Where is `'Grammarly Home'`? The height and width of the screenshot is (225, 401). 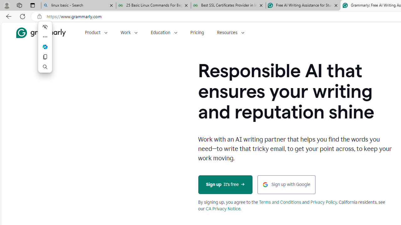
'Grammarly Home' is located at coordinates (41, 32).